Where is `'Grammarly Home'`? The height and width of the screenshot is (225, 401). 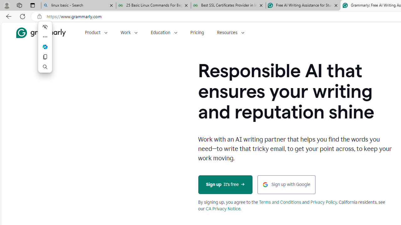
'Grammarly Home' is located at coordinates (41, 32).